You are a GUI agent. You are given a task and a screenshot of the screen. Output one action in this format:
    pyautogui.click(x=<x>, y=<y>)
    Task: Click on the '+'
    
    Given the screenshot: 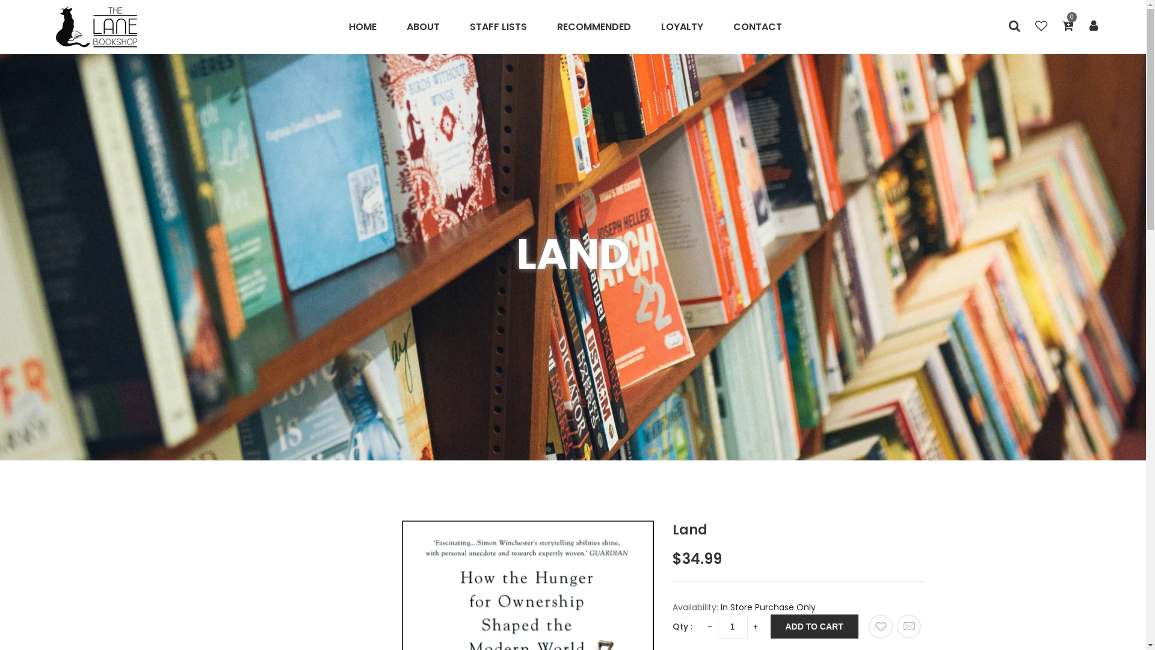 What is the action you would take?
    pyautogui.click(x=755, y=626)
    